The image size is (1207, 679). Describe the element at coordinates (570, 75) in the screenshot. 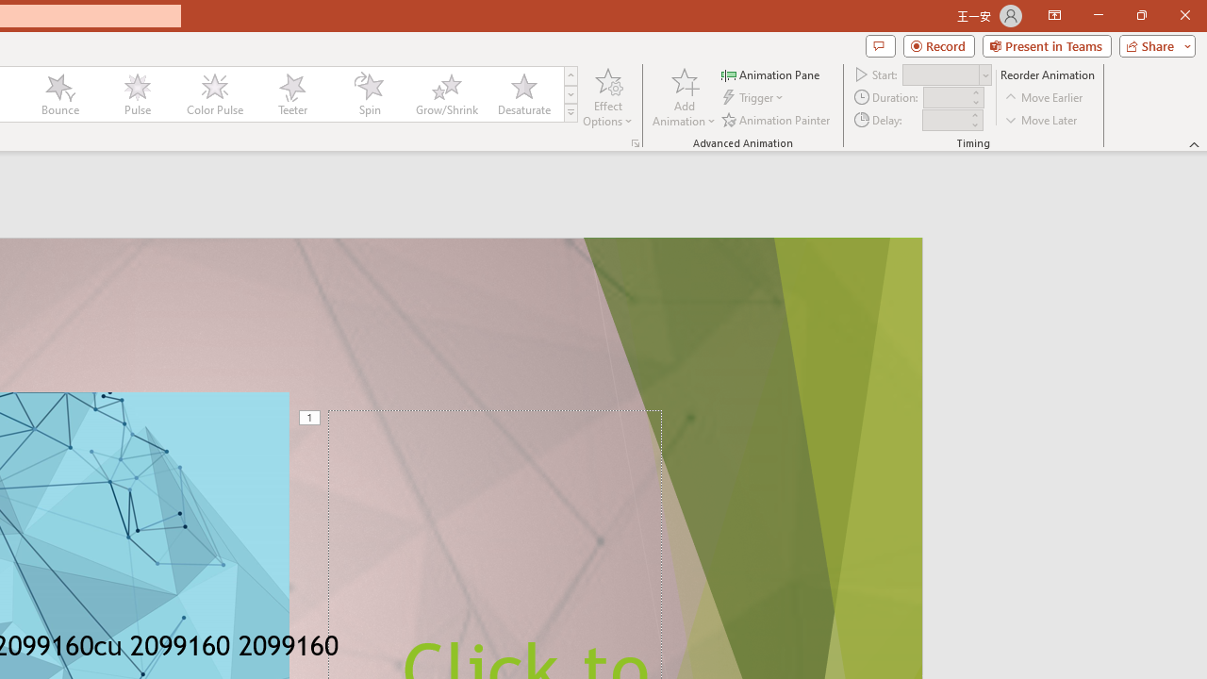

I see `'Row up'` at that location.